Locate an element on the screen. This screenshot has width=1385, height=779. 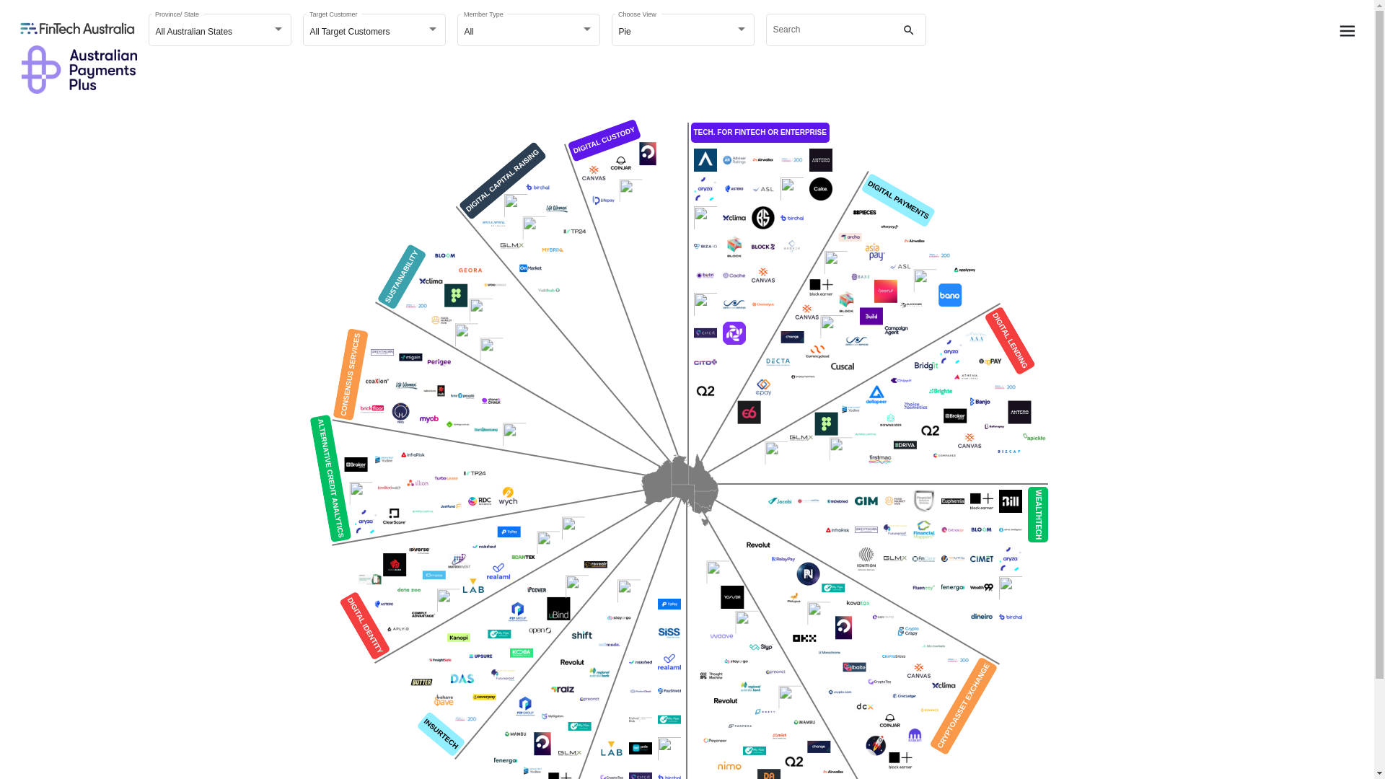
'Liftwomen Group' is located at coordinates (555, 208).